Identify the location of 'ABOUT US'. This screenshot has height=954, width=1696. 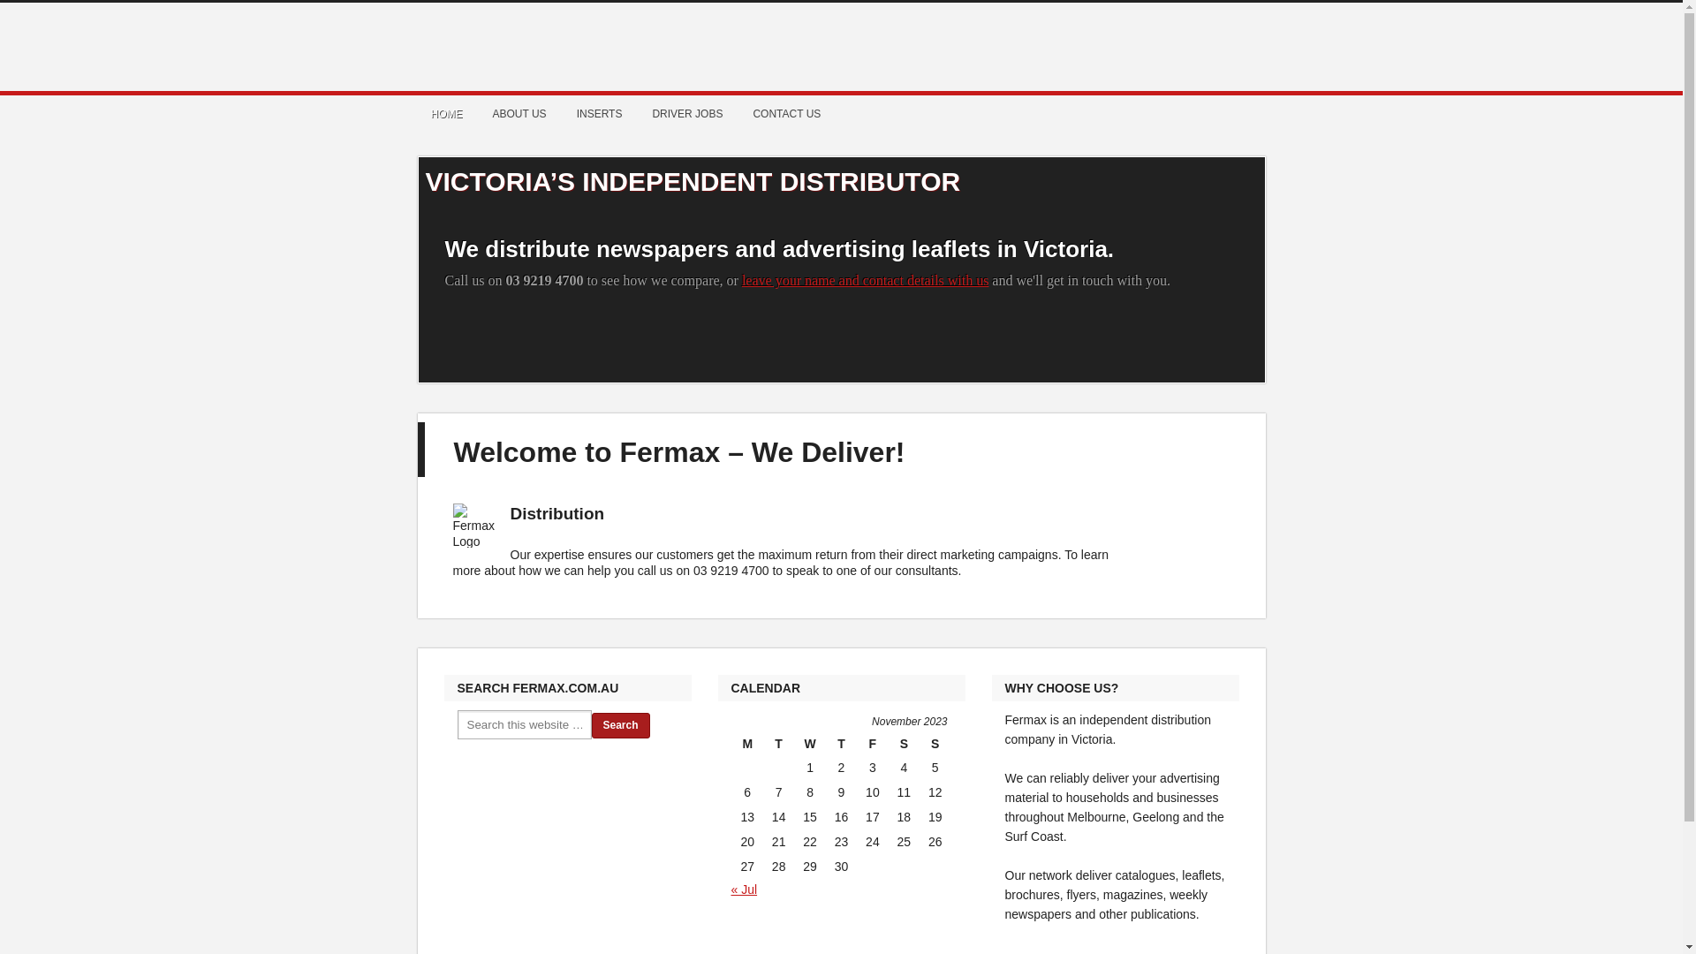
(479, 113).